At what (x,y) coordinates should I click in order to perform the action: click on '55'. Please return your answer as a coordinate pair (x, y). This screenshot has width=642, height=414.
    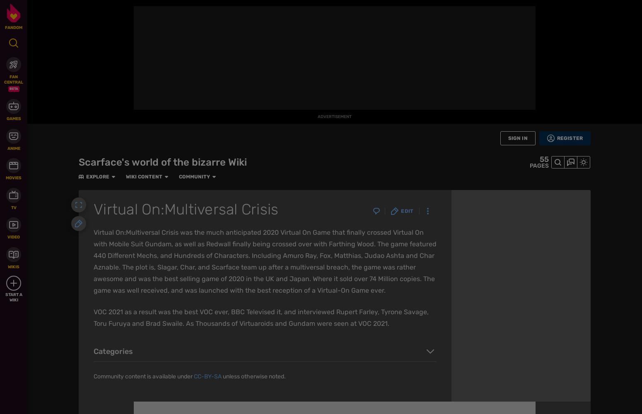
    Looking at the image, I should click on (543, 159).